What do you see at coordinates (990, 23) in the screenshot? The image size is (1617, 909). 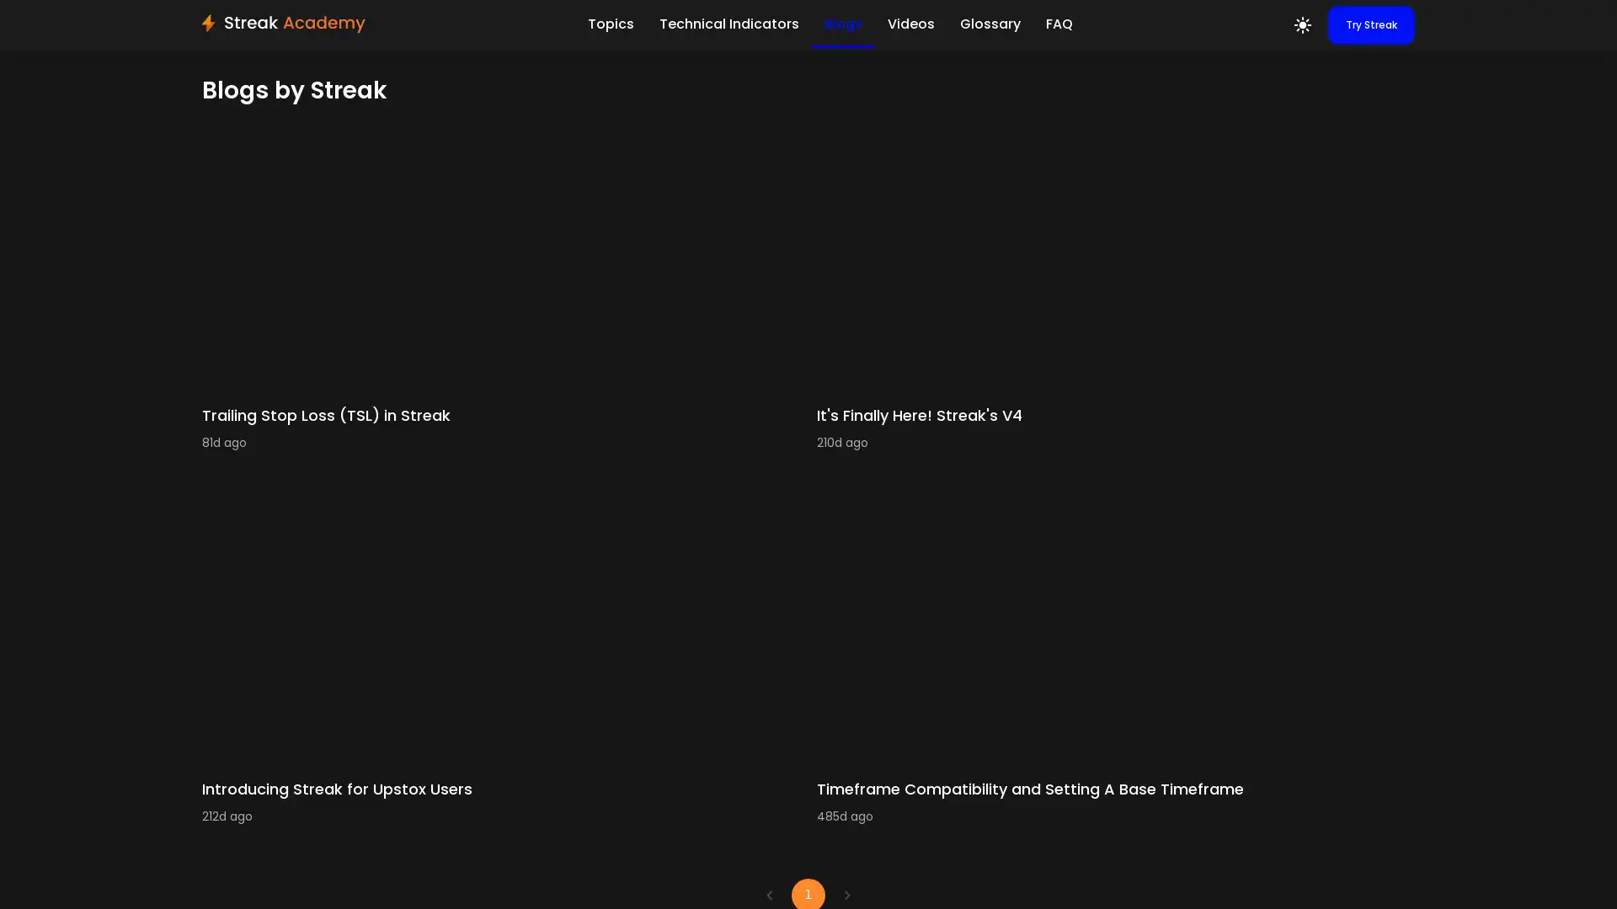 I see `Glossary` at bounding box center [990, 23].